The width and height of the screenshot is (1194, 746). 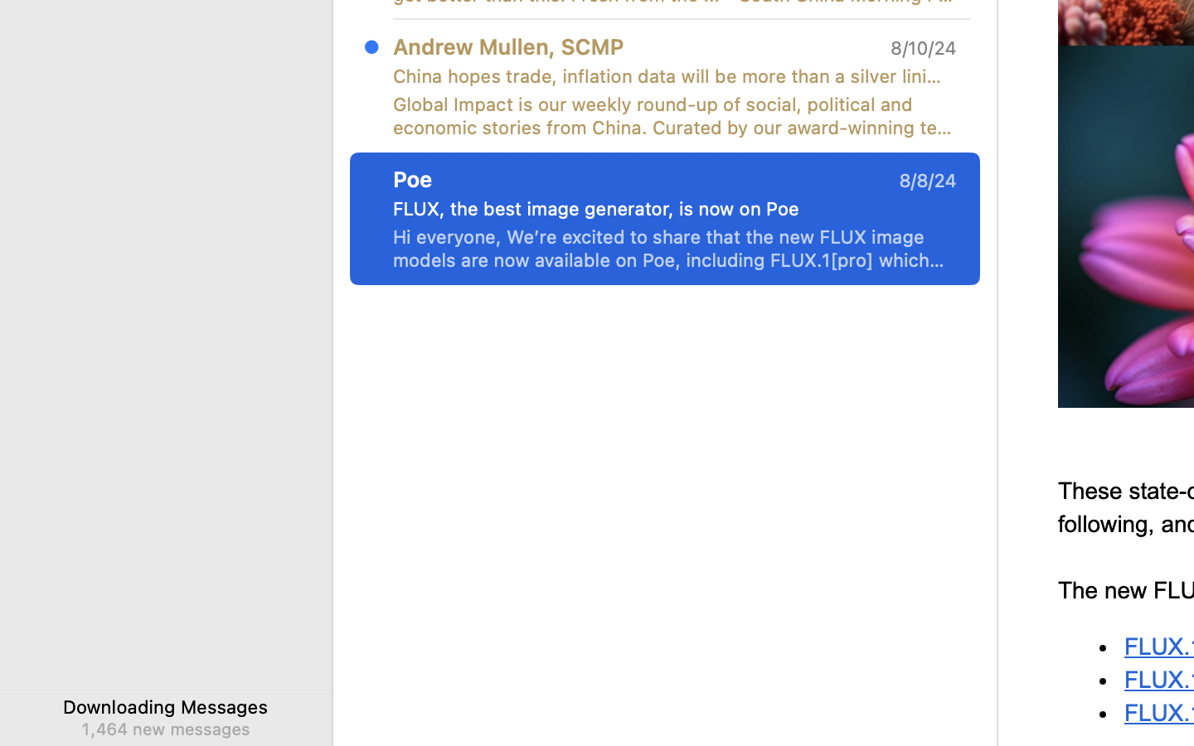 What do you see at coordinates (166, 706) in the screenshot?
I see `'Downloading Messages'` at bounding box center [166, 706].